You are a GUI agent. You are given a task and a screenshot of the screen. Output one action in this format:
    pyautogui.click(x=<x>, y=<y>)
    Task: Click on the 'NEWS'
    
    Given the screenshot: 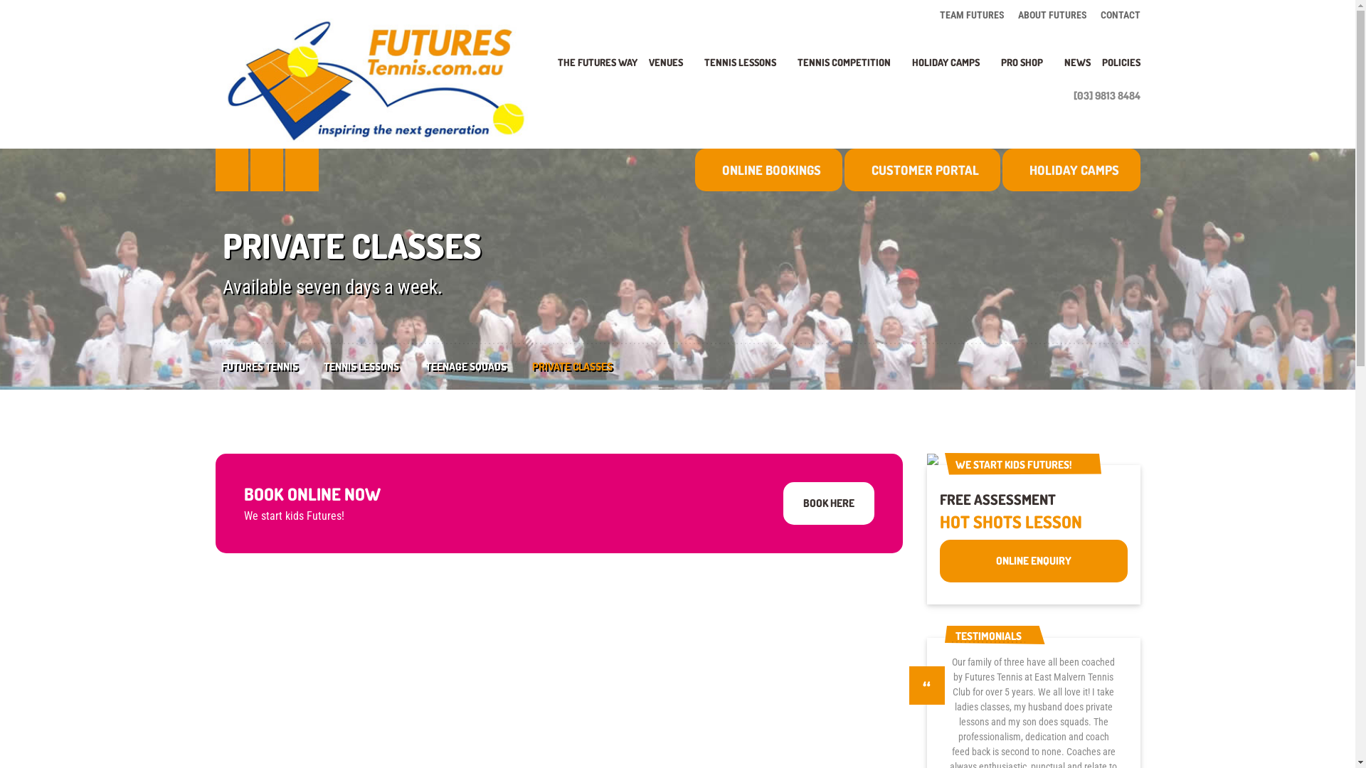 What is the action you would take?
    pyautogui.click(x=1077, y=70)
    